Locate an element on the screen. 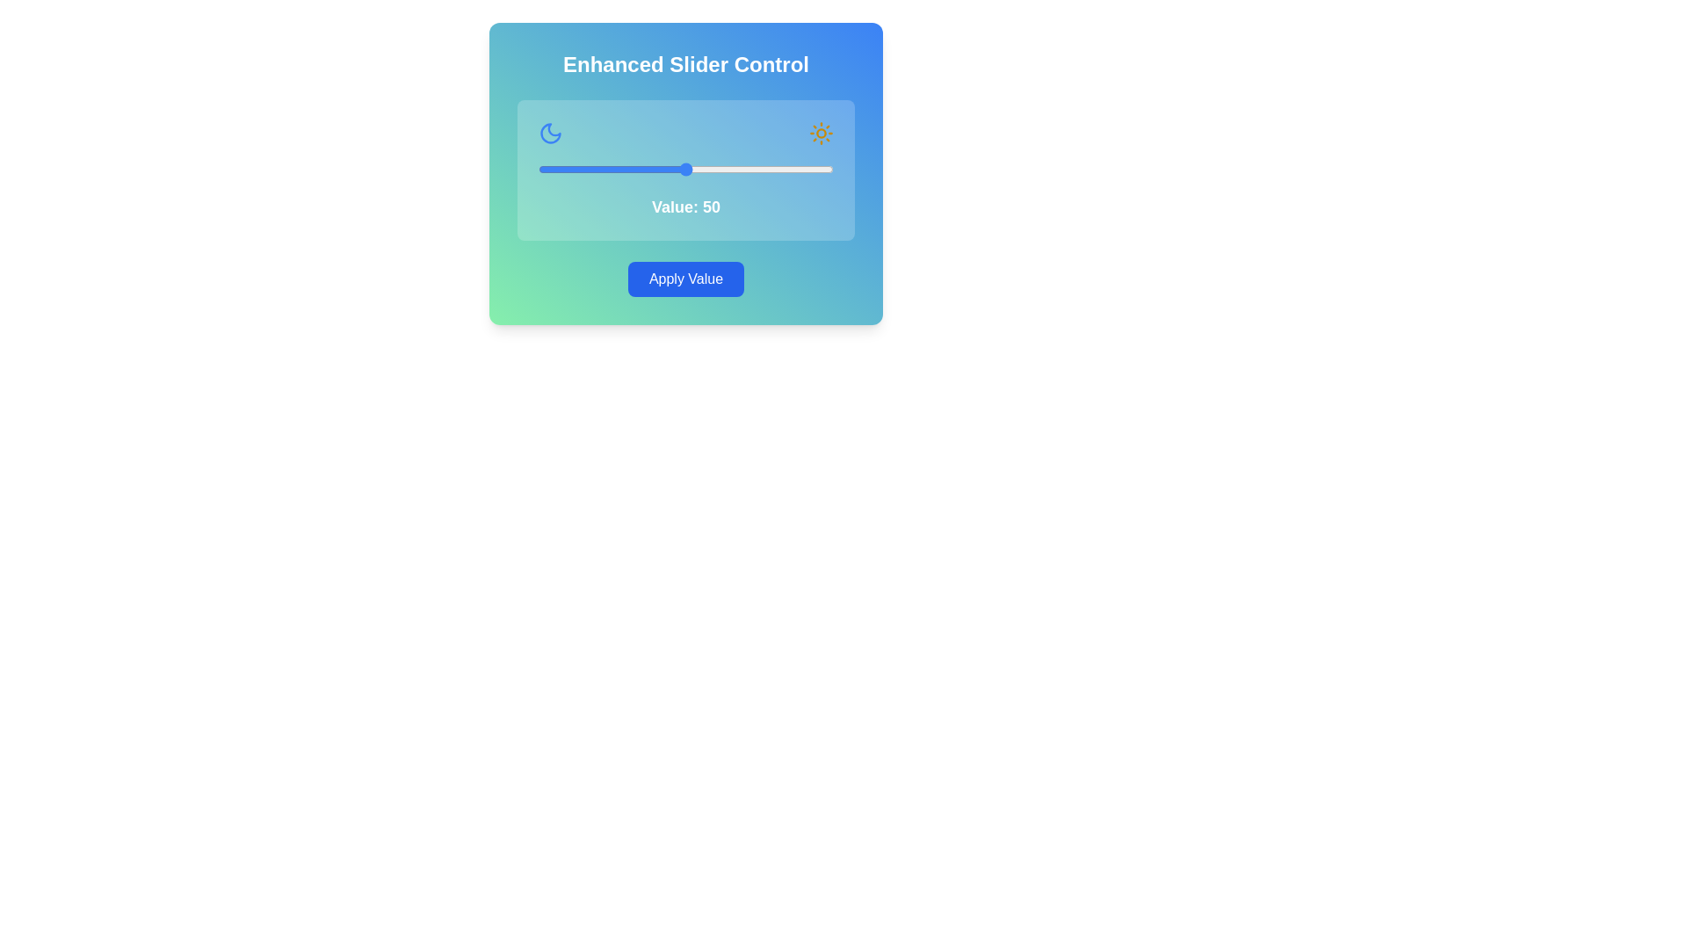  the slider is located at coordinates (818, 169).